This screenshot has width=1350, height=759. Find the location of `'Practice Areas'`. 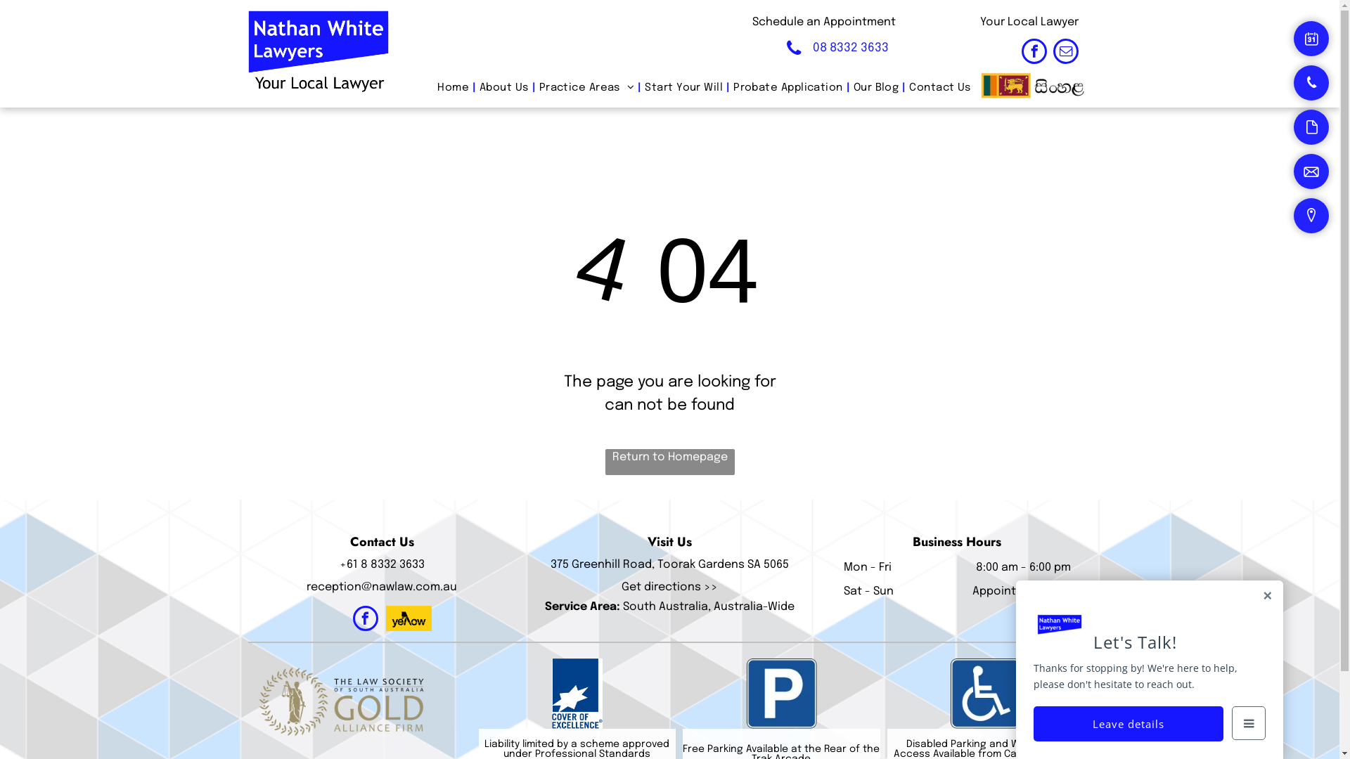

'Practice Areas' is located at coordinates (587, 88).